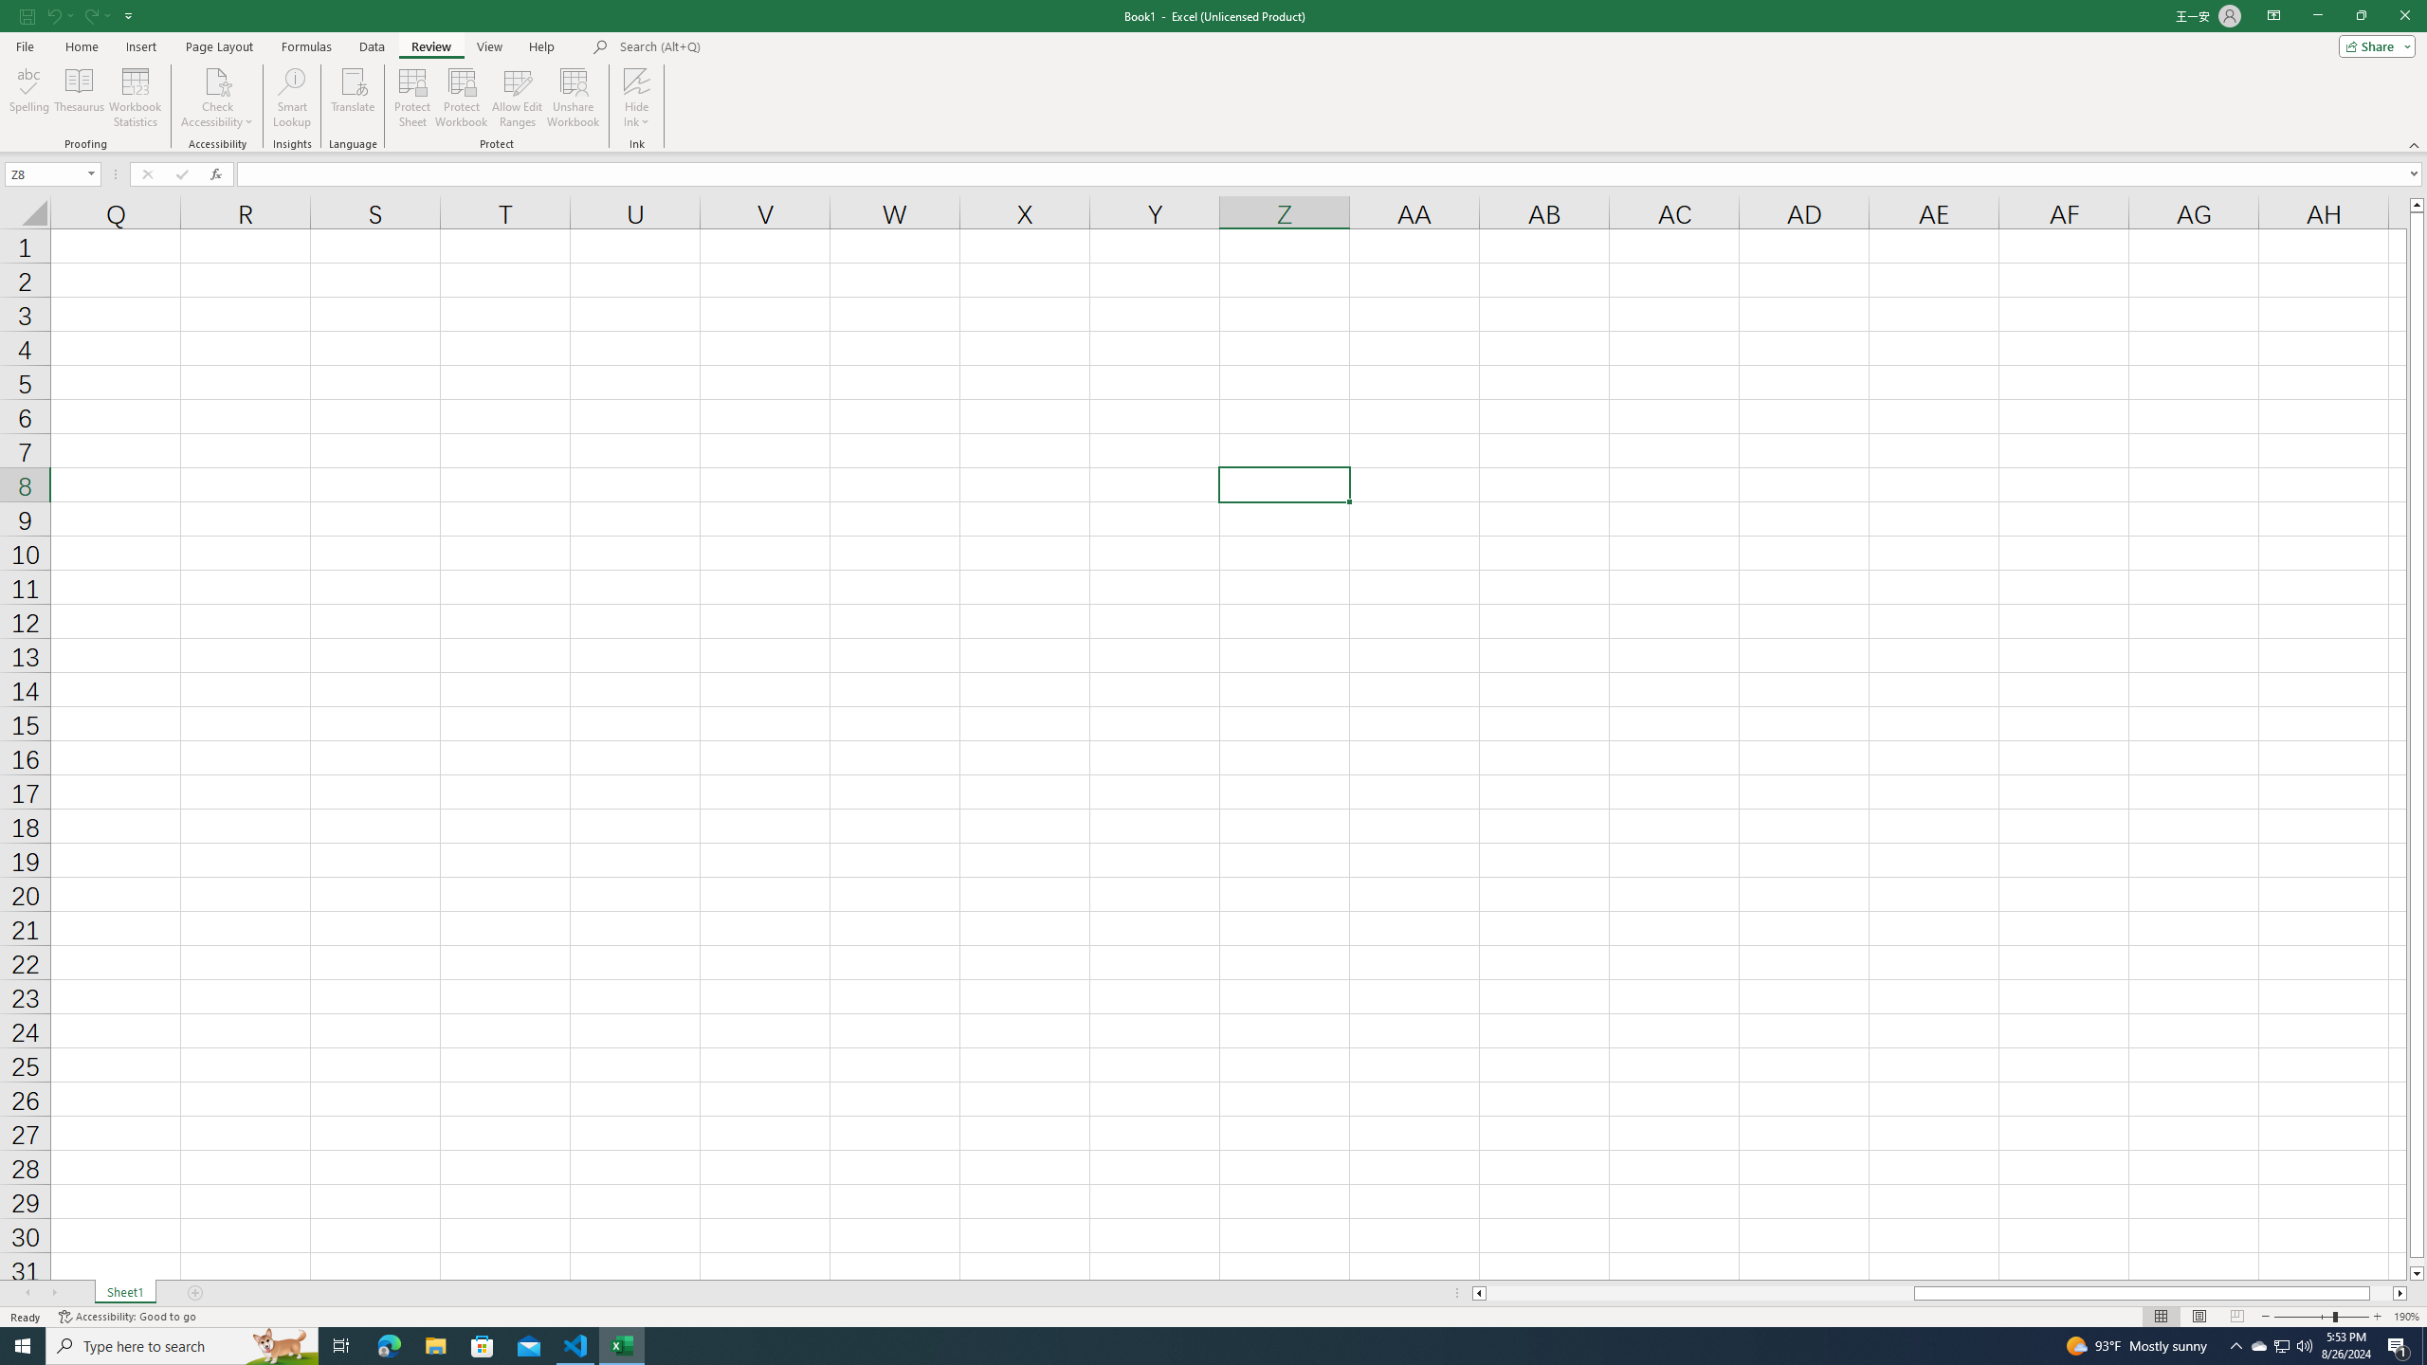 This screenshot has height=1365, width=2427. What do you see at coordinates (78, 15) in the screenshot?
I see `'Quick Access Toolbar'` at bounding box center [78, 15].